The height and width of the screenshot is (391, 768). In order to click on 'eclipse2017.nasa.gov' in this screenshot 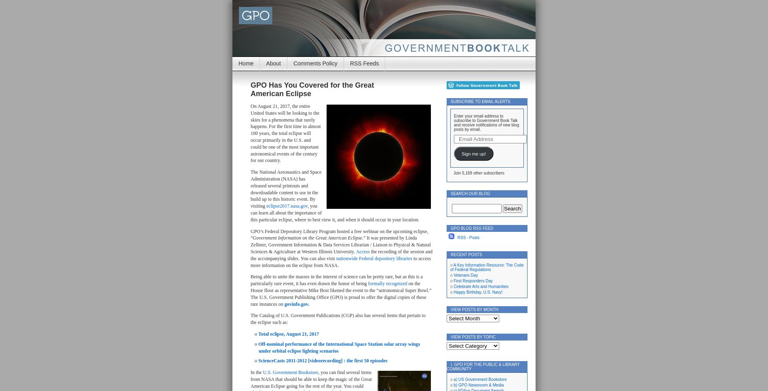, I will do `click(287, 206)`.